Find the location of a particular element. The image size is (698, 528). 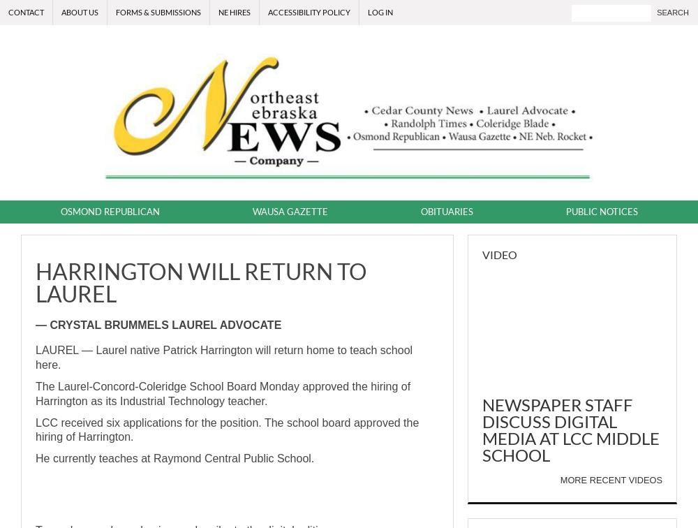

'About Us' is located at coordinates (79, 12).